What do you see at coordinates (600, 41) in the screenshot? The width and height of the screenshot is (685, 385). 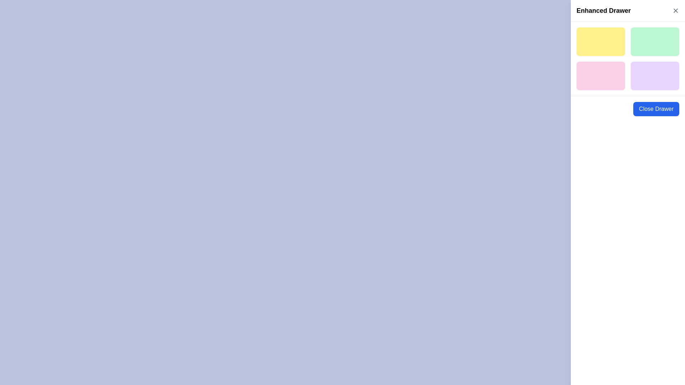 I see `the decorative block located in the top-left corner of a 2x2 grid, which has no interactive functionality` at bounding box center [600, 41].